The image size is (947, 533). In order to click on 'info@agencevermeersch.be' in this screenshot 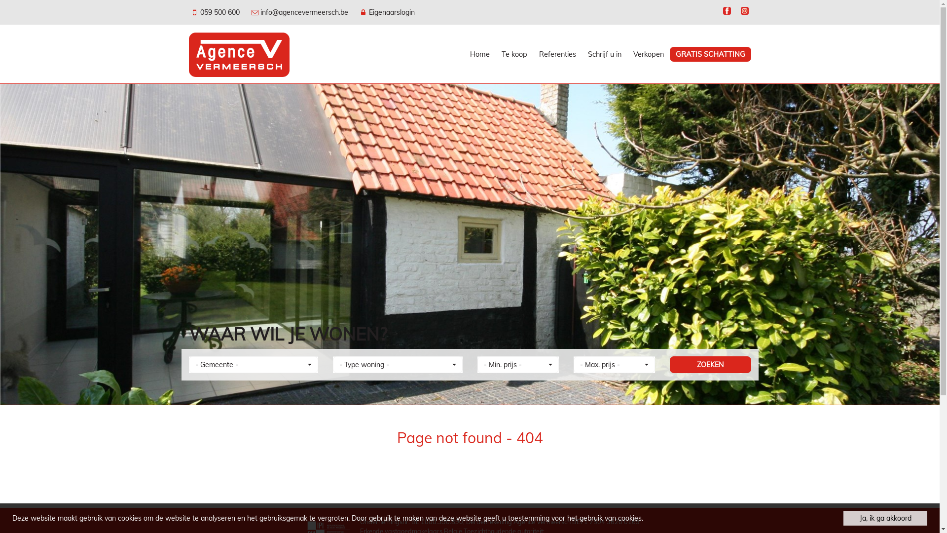, I will do `click(300, 12)`.